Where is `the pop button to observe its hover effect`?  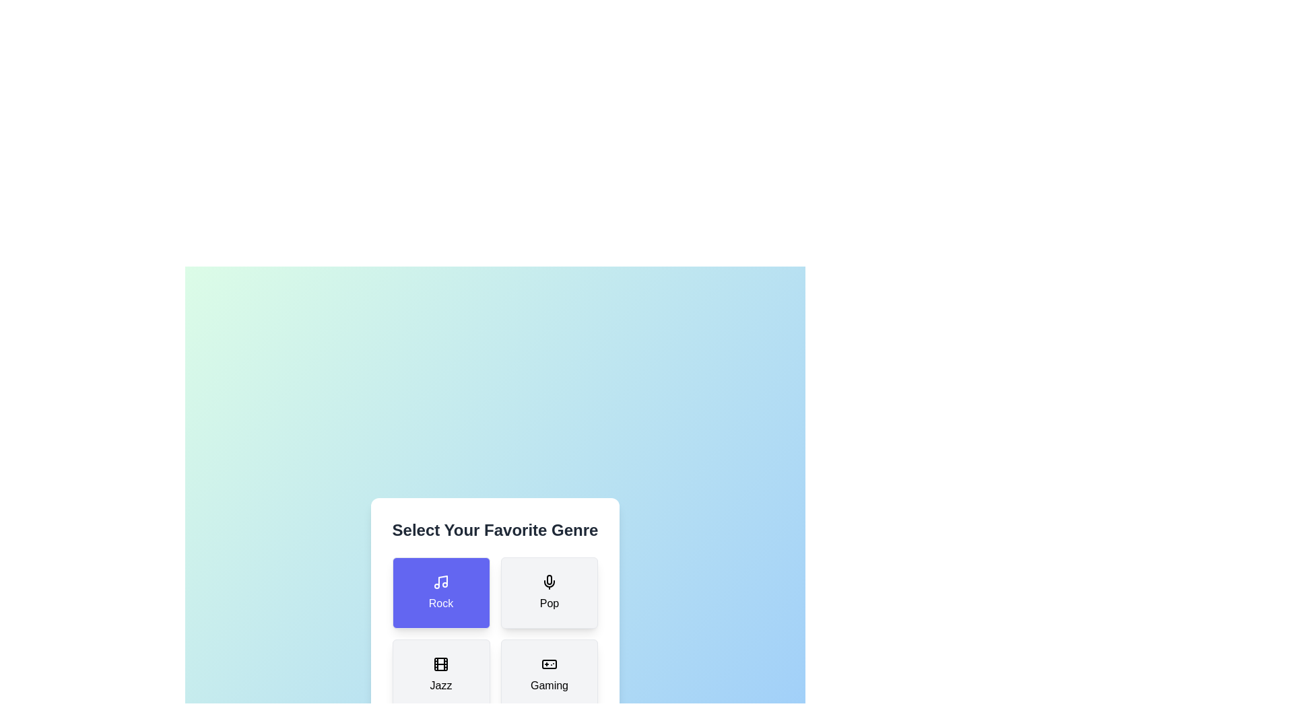
the pop button to observe its hover effect is located at coordinates (549, 592).